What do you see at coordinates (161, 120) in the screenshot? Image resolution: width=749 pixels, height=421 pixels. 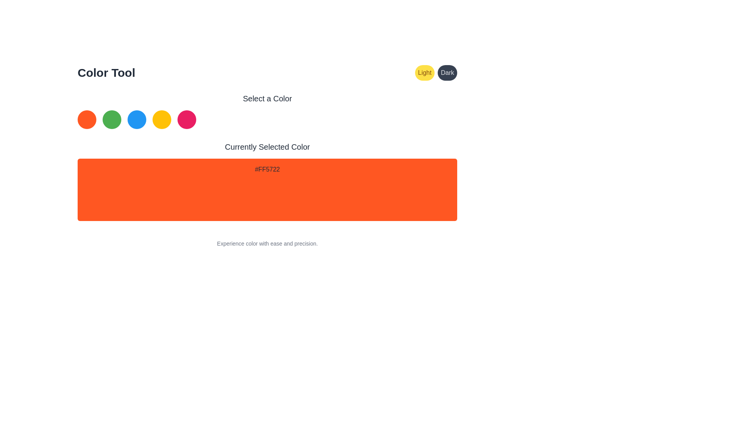 I see `the fourth circular yellow button in the horizontal row of five buttons below the title 'Color Tool'` at bounding box center [161, 120].